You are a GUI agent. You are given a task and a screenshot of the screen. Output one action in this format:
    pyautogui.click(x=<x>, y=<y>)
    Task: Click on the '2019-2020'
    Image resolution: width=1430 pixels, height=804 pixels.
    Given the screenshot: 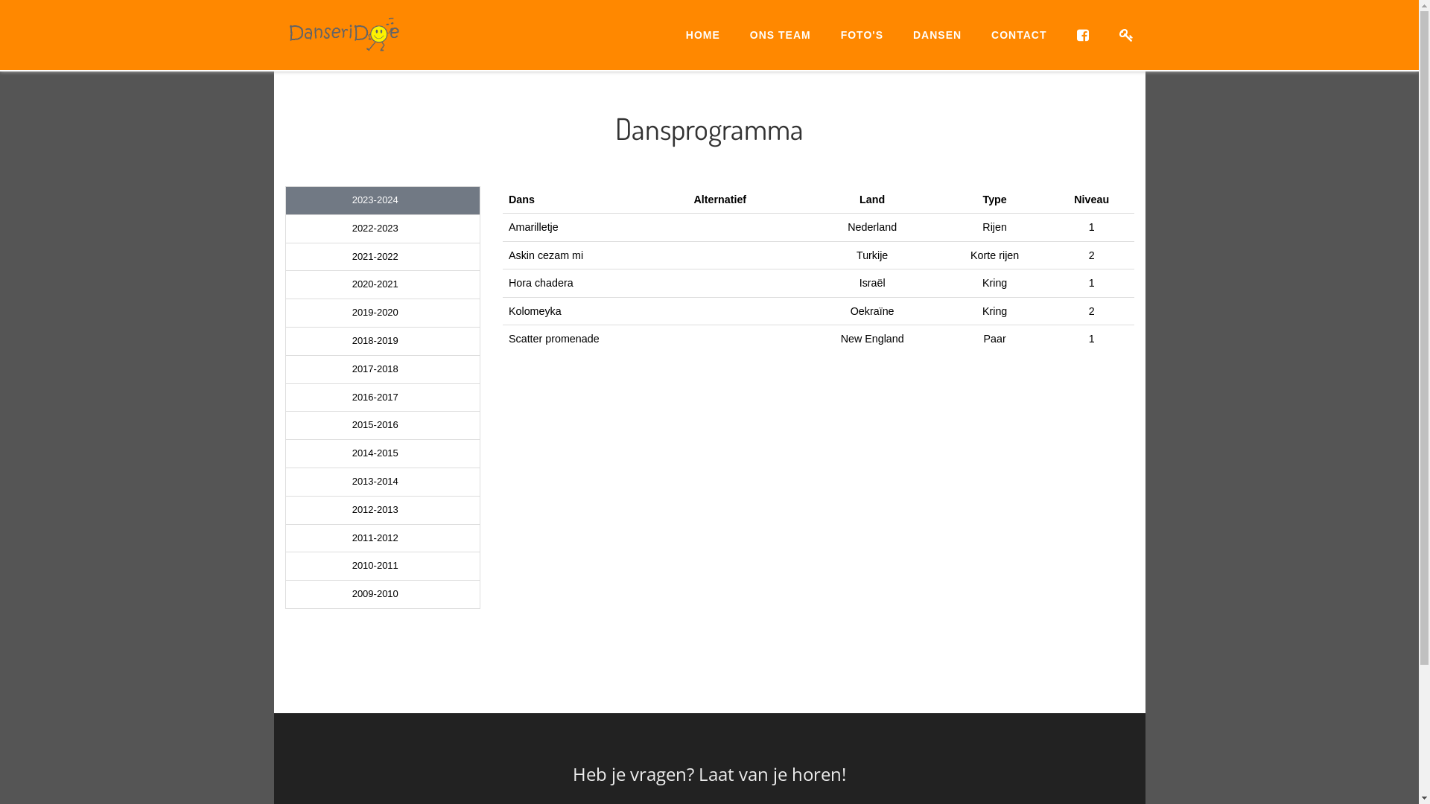 What is the action you would take?
    pyautogui.click(x=383, y=312)
    